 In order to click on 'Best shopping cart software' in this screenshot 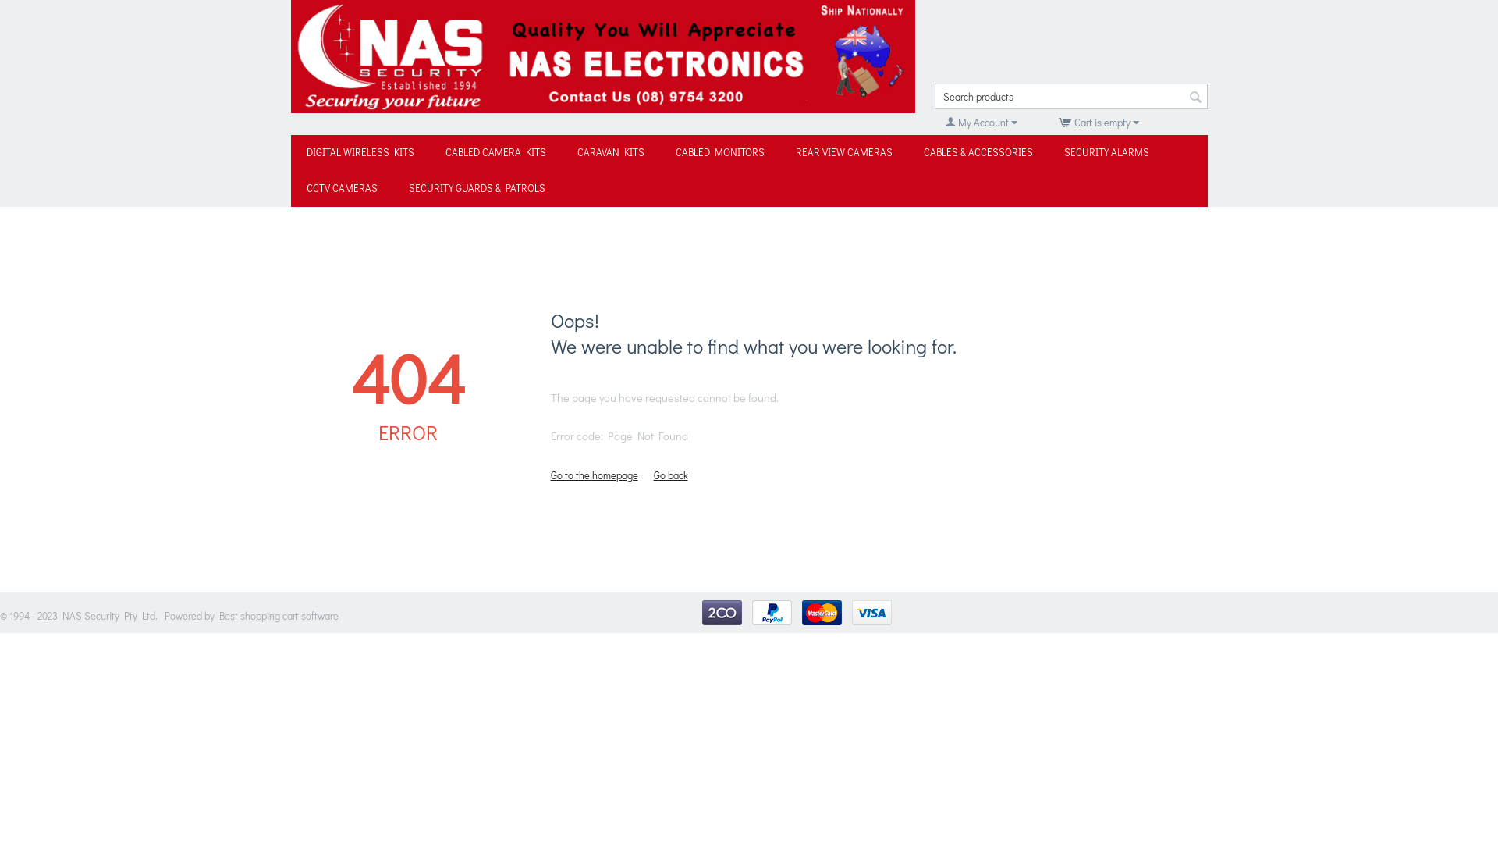, I will do `click(279, 614)`.